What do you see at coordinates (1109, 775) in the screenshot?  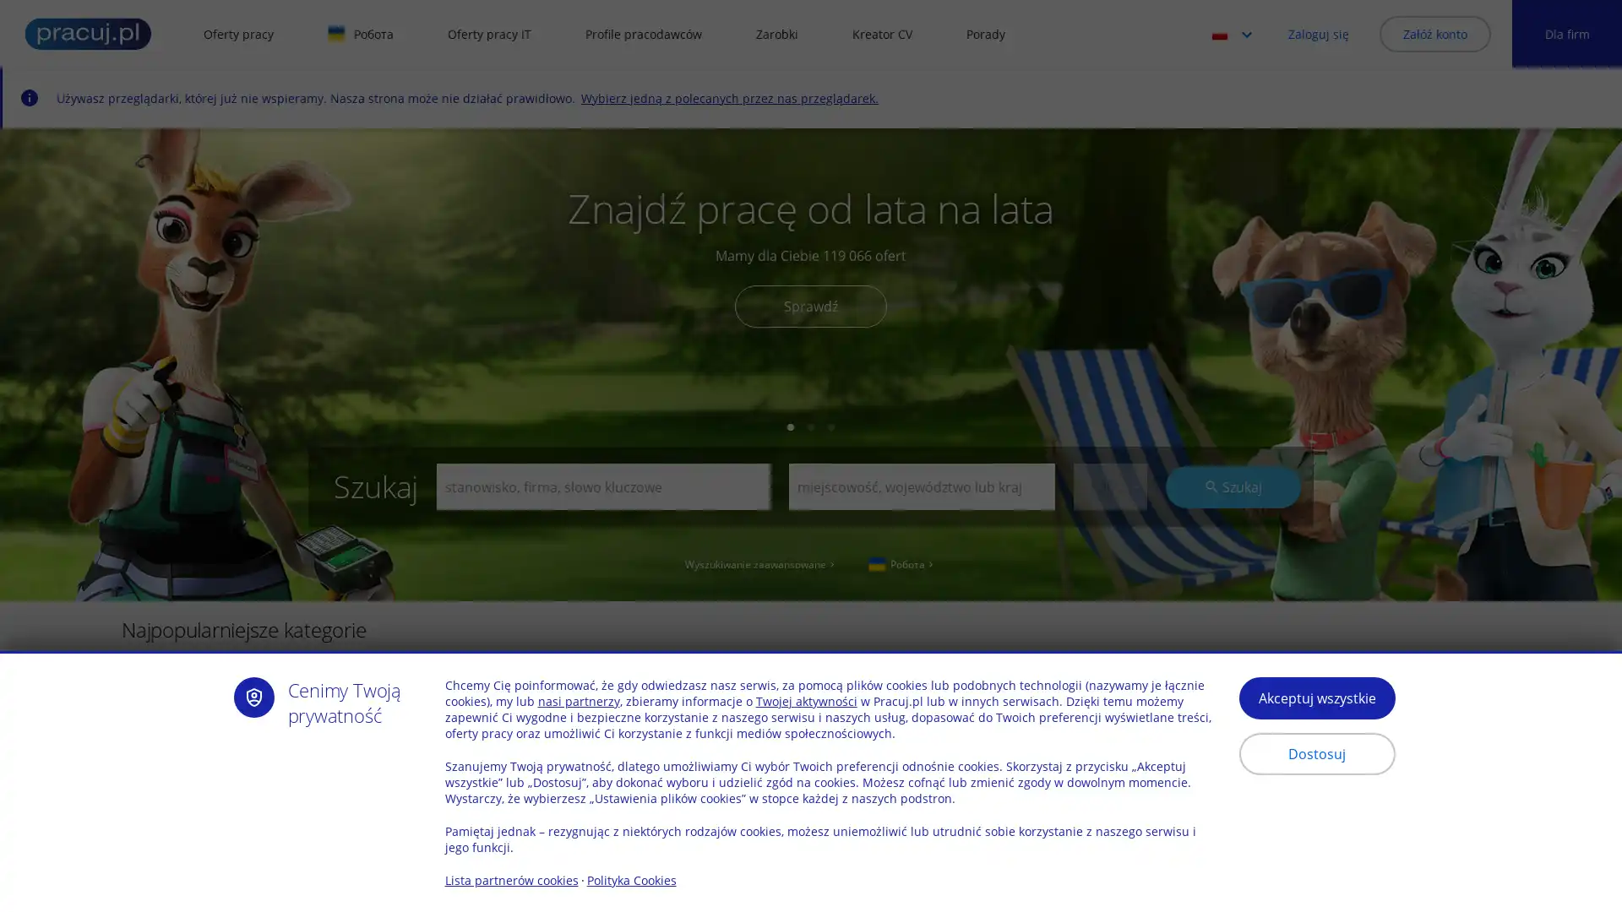 I see `+ 50 km` at bounding box center [1109, 775].